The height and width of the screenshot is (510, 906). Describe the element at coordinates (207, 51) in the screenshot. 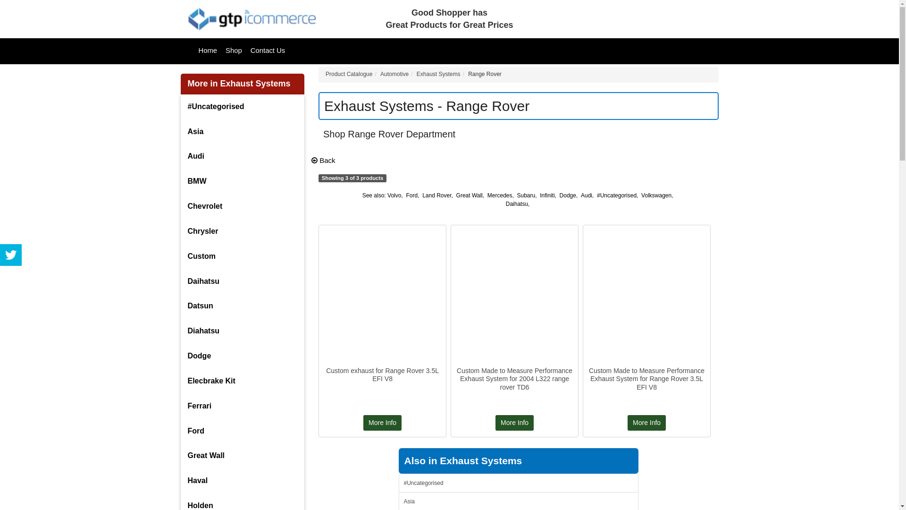

I see `'Home'` at that location.